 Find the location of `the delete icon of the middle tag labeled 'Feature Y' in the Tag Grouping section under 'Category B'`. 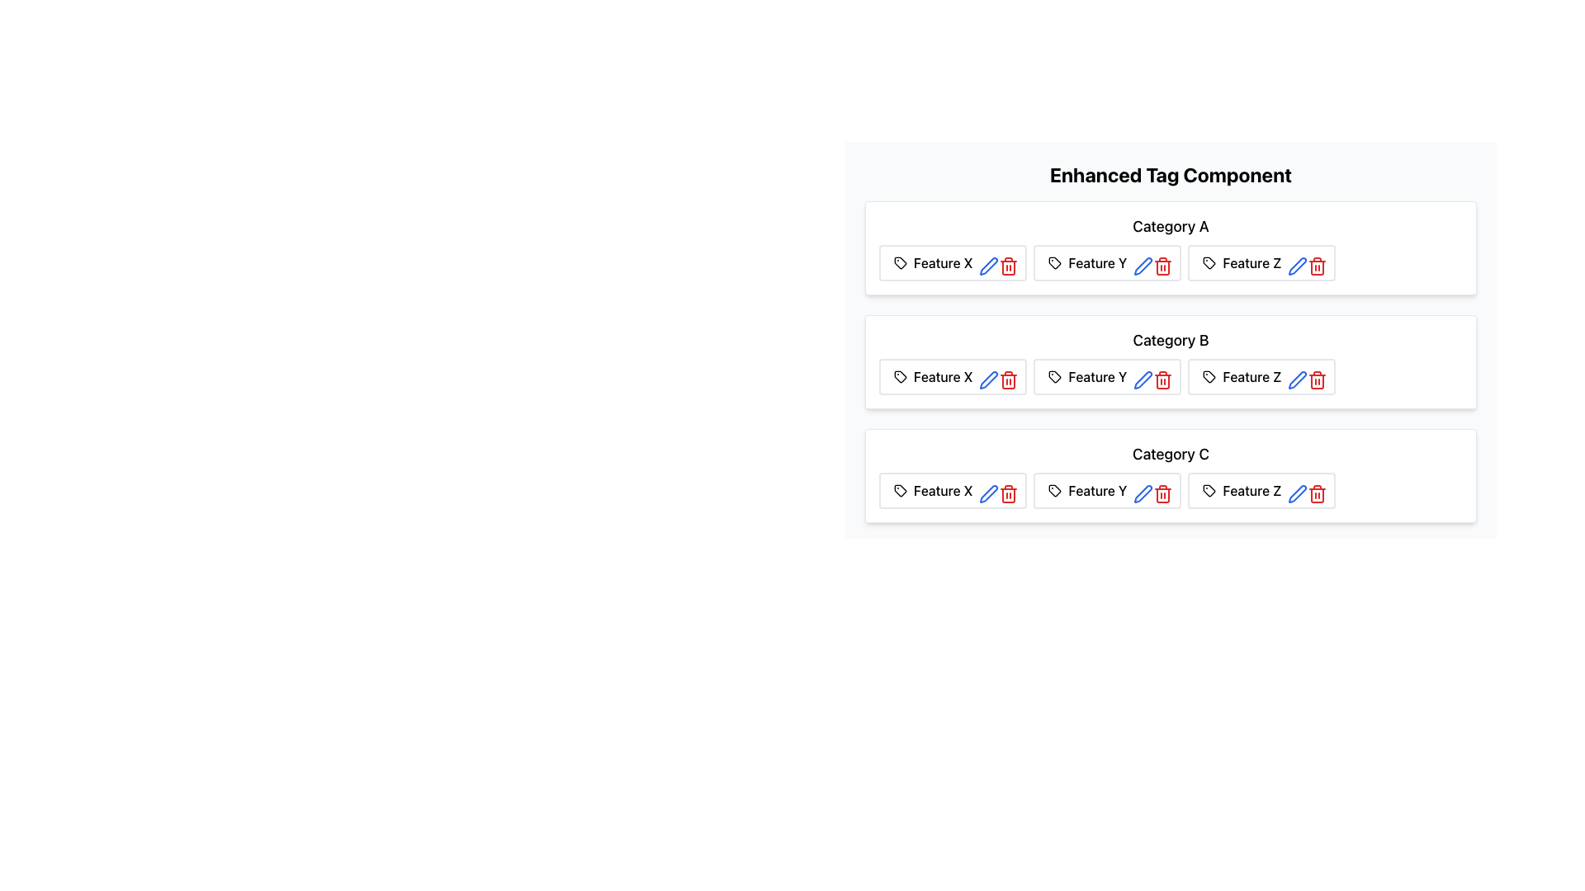

the delete icon of the middle tag labeled 'Feature Y' in the Tag Grouping section under 'Category B' is located at coordinates (1170, 376).